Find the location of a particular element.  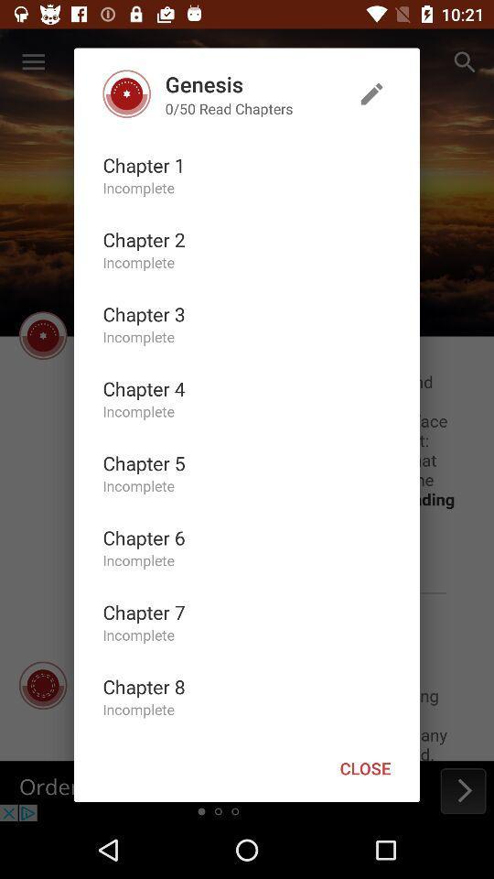

chapter 3 item is located at coordinates (143, 314).